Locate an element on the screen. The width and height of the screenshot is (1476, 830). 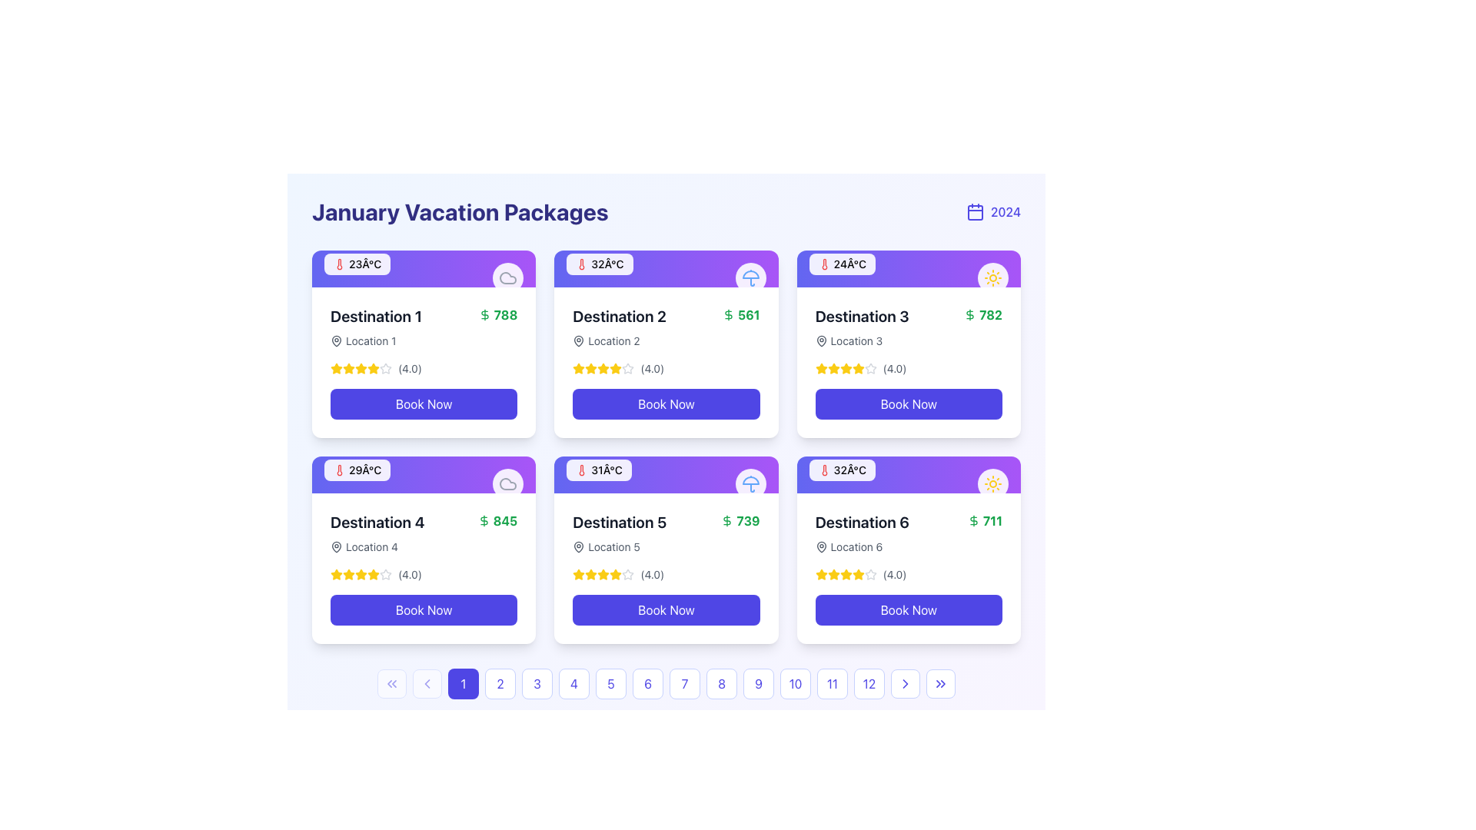
the fourth star in the rating row for the 'Destination 5' card is located at coordinates (628, 574).